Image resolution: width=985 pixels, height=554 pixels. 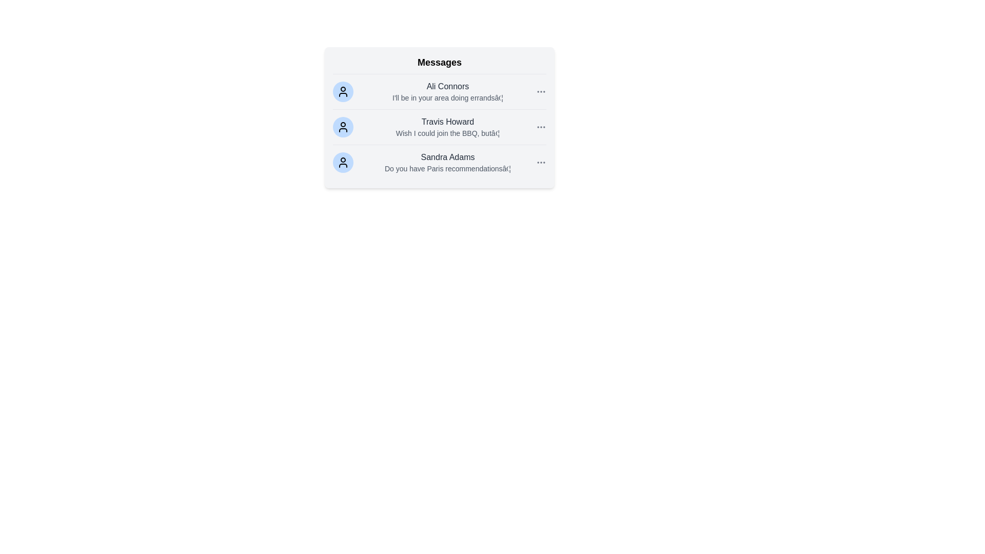 I want to click on the third message preview entry displaying the sender's name and message snippet, which is positioned below 'Ali Connors' and 'Travis Howard', so click(x=448, y=162).